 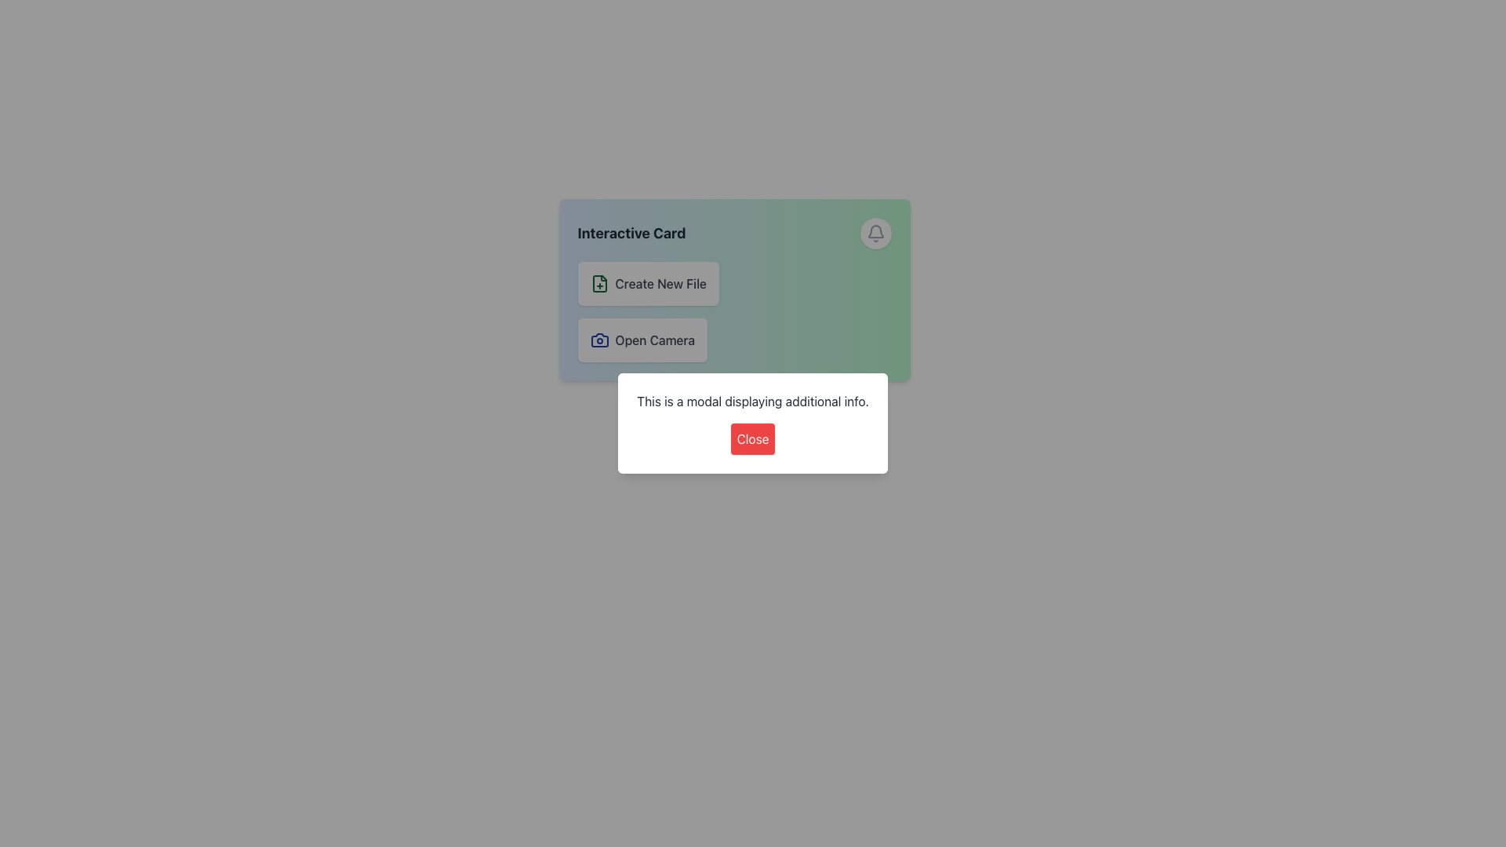 I want to click on the circular button with a bell icon located in the top-right corner of the 'Interactive Card', so click(x=875, y=233).